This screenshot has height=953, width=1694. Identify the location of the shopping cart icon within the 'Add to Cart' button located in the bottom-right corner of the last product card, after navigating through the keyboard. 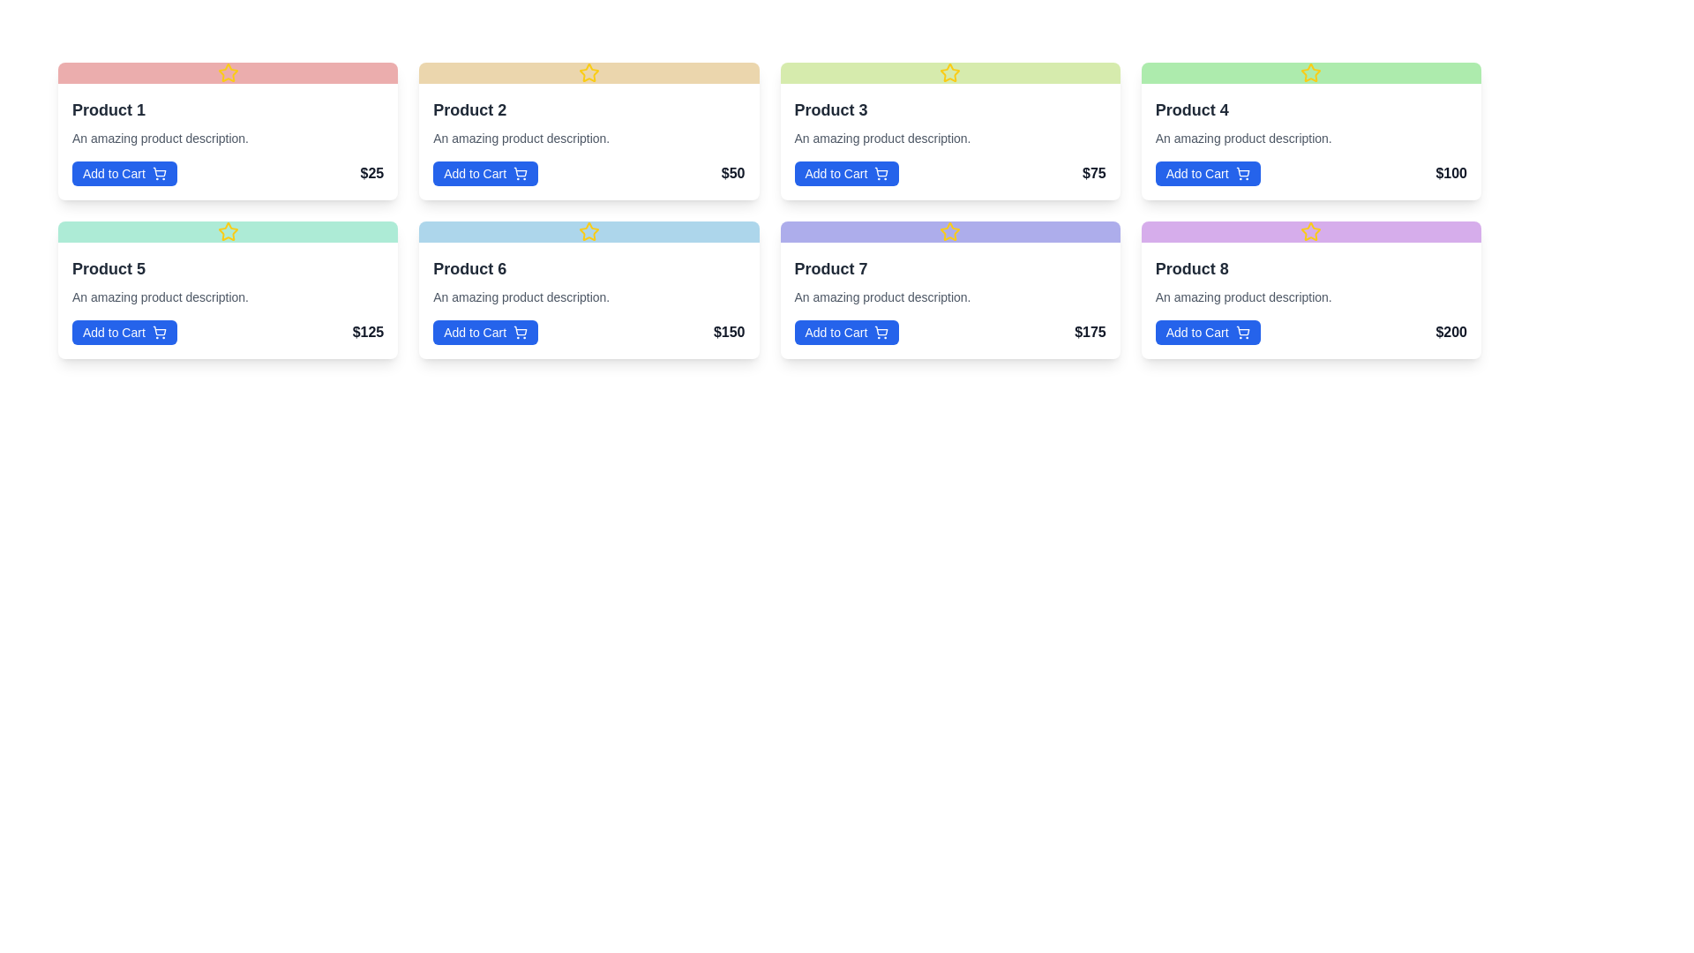
(1241, 330).